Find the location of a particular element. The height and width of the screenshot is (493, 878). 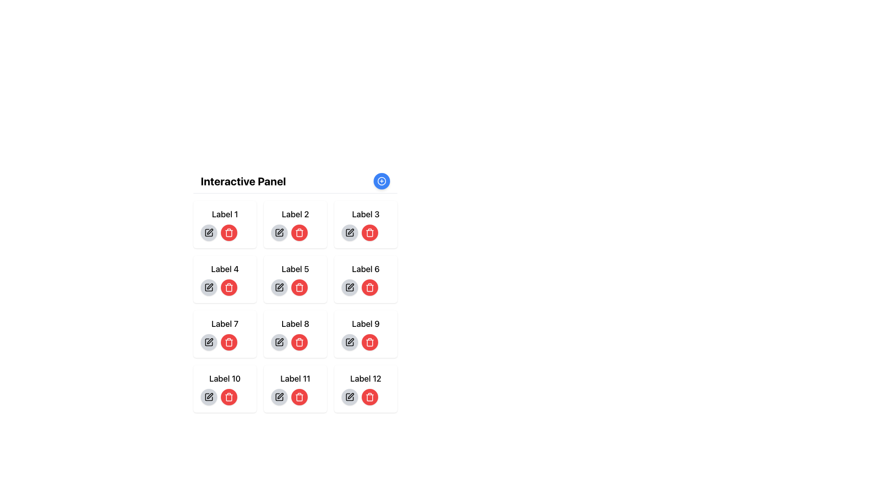

the gray edit button and the red delete button within the horizontal action buttons located in the card labeled 'Label 2', which is the second card in the first row of a three-by-four grid layout is located at coordinates (295, 232).